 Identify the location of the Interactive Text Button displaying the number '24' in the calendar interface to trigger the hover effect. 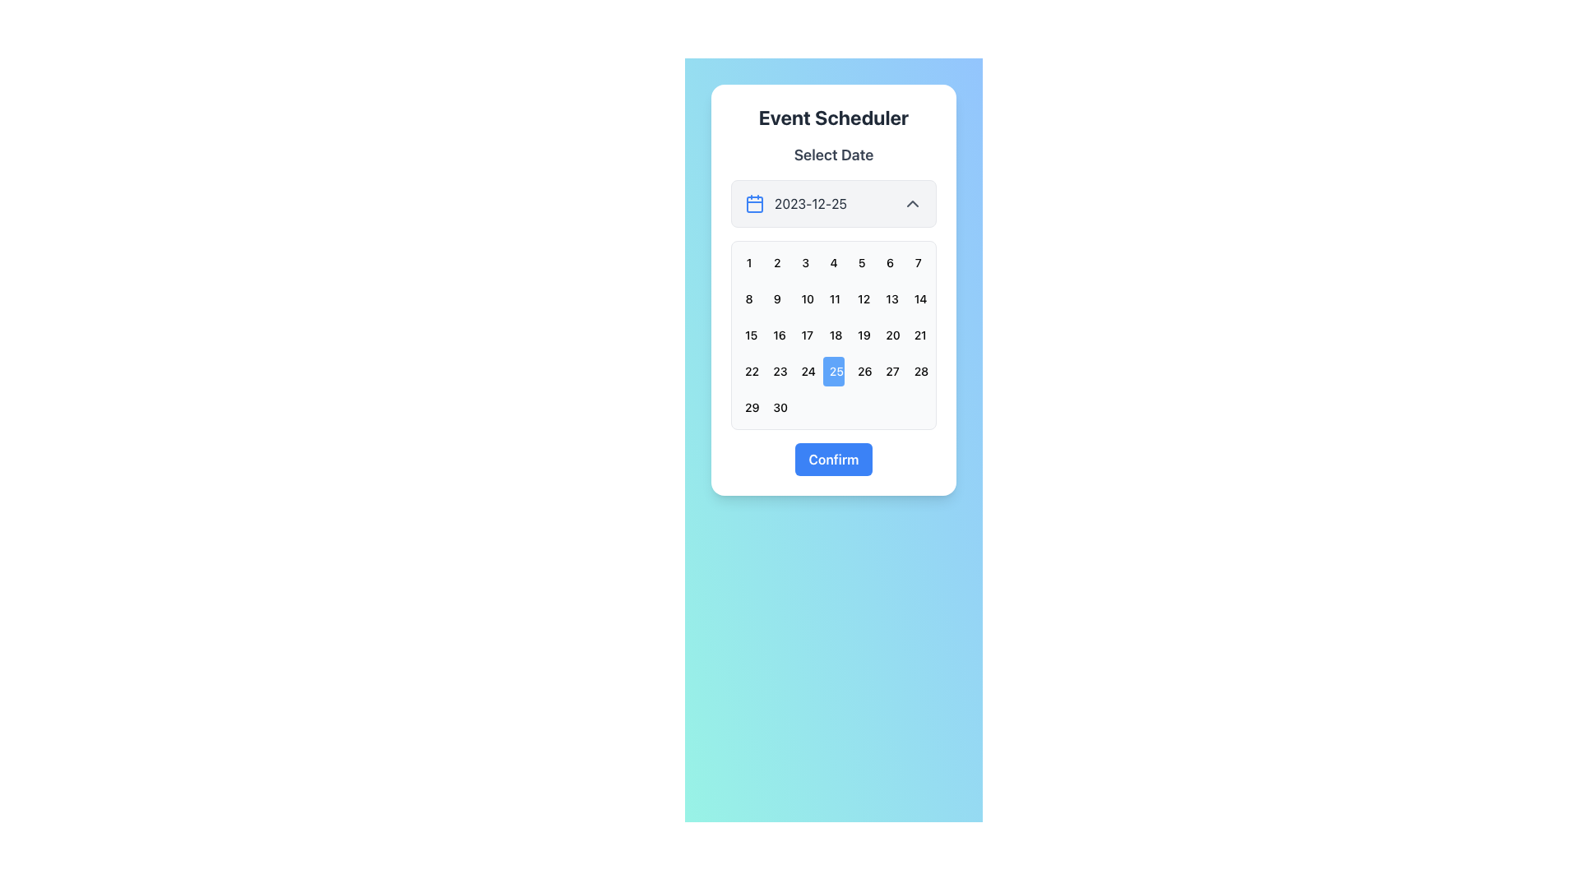
(805, 371).